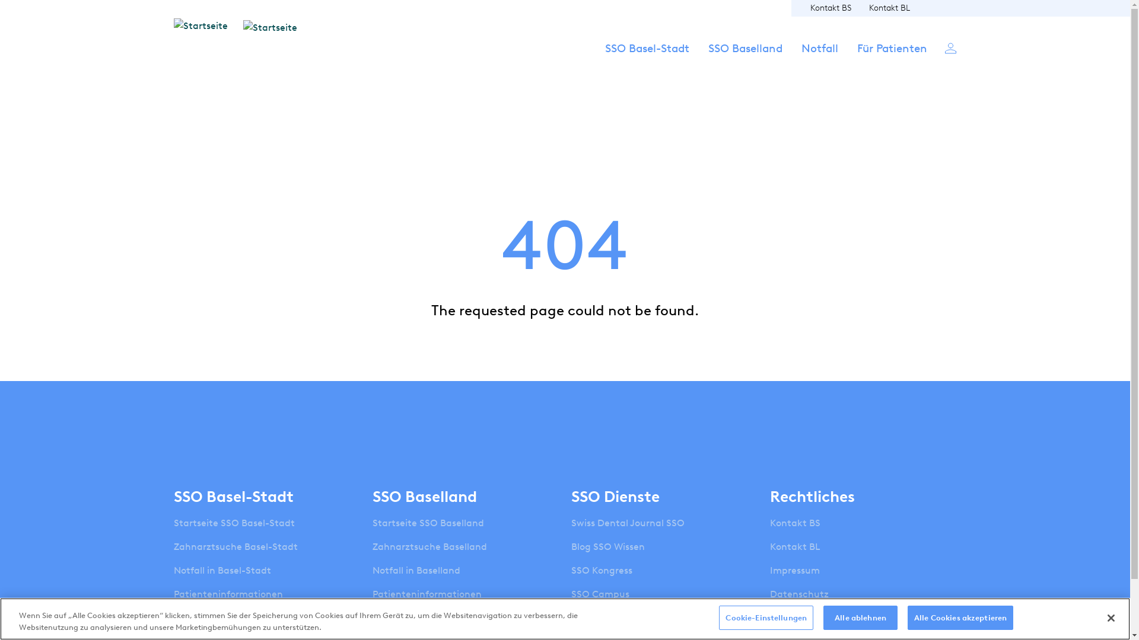 The height and width of the screenshot is (640, 1139). I want to click on 'Notfall', so click(819, 59).